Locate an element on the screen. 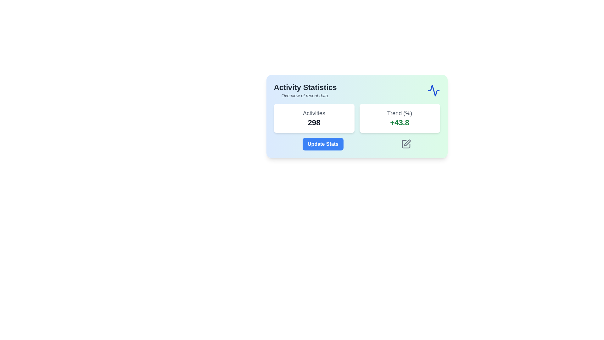 This screenshot has height=340, width=604. the Text label that indicates the count of activities, located below the 'Activities' text within the left card of the 'Activity Statistics' panel is located at coordinates (314, 122).